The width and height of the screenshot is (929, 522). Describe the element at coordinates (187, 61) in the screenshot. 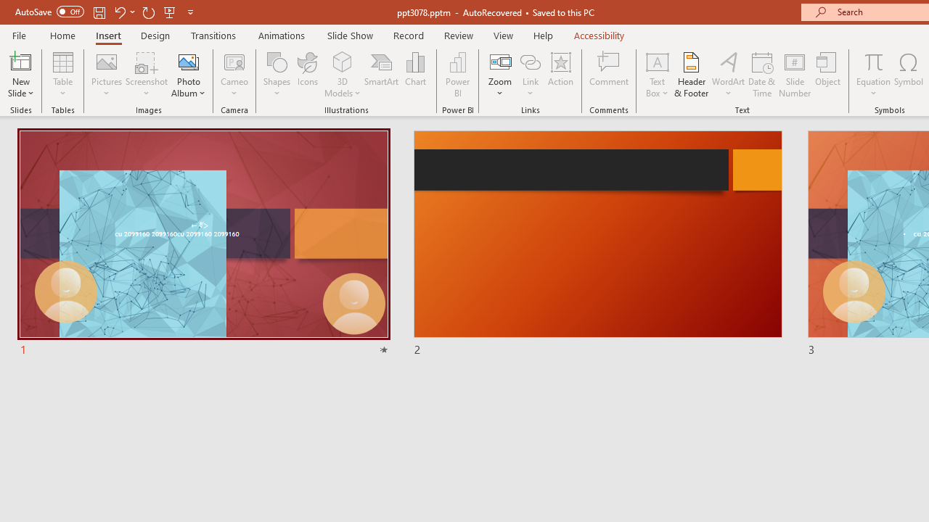

I see `'New Photo Album...'` at that location.